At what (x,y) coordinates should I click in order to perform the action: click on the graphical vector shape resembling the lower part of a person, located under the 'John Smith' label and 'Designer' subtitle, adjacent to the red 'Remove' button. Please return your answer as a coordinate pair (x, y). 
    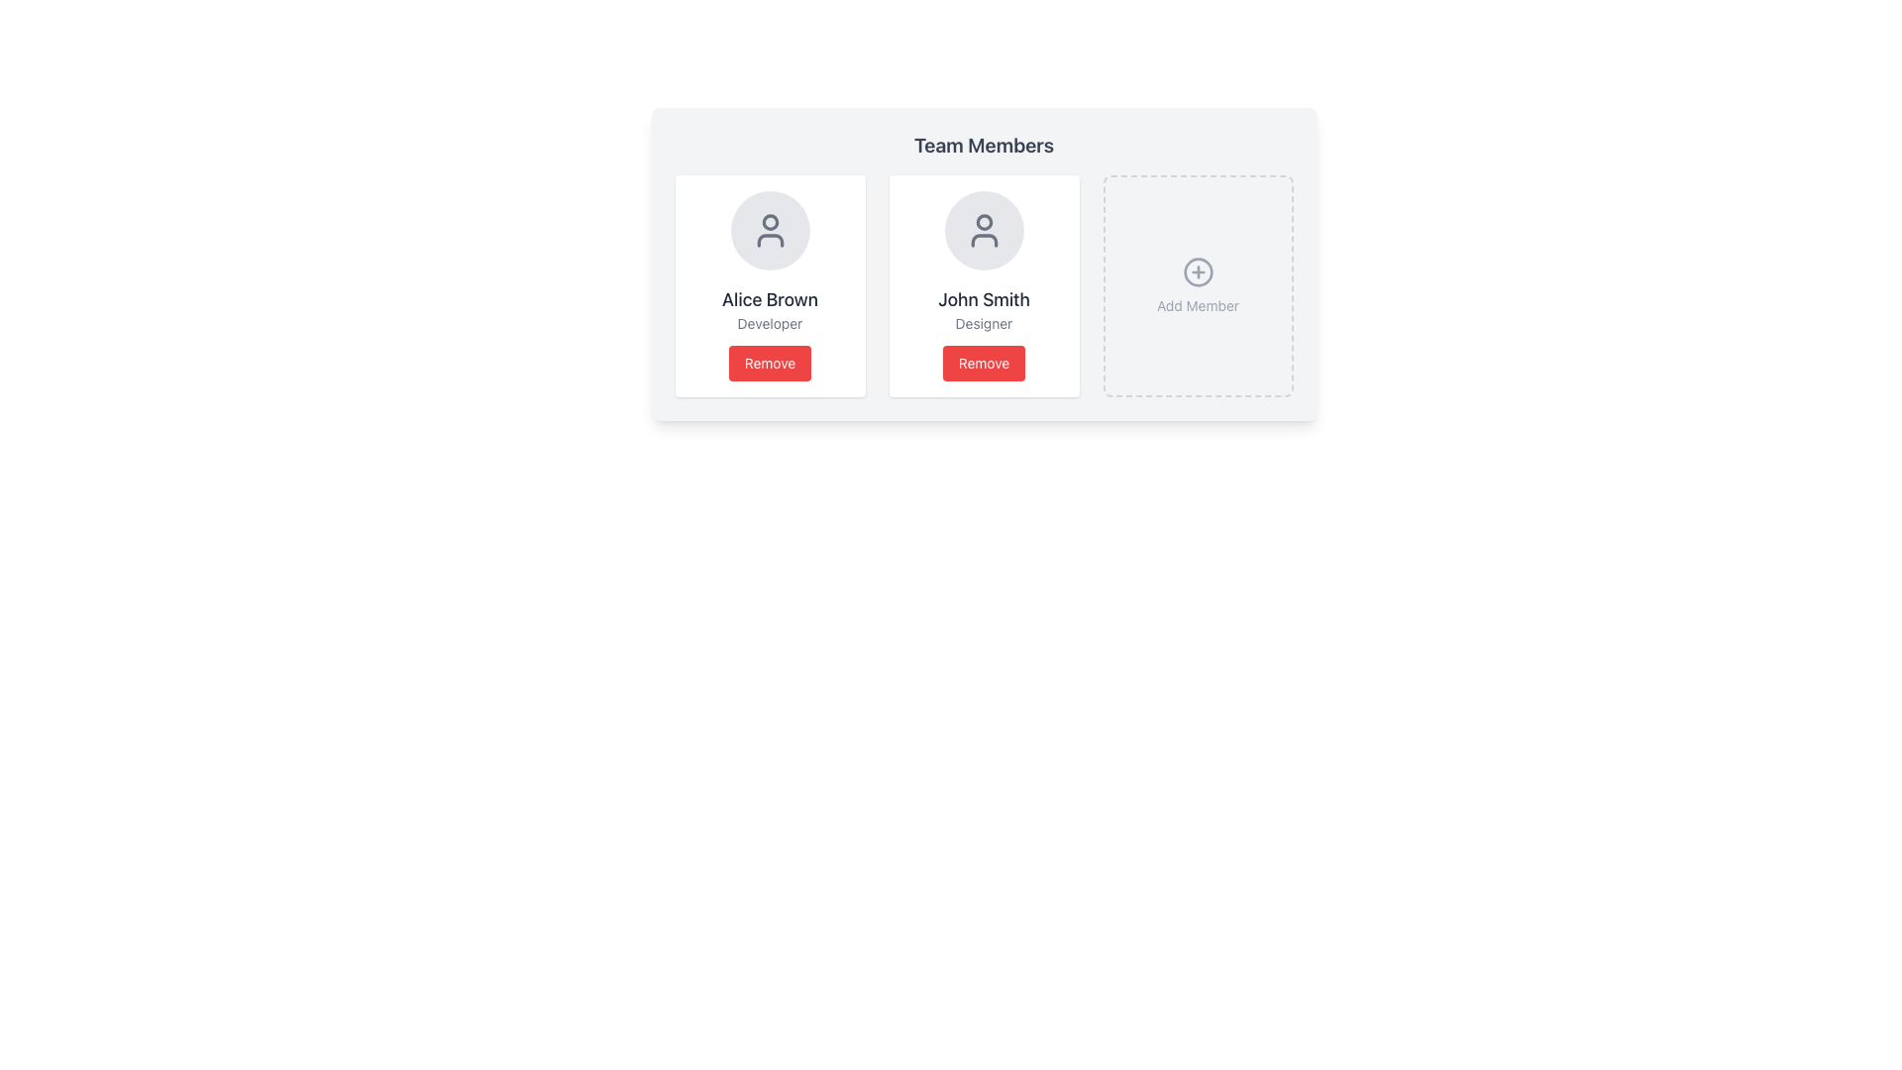
    Looking at the image, I should click on (984, 240).